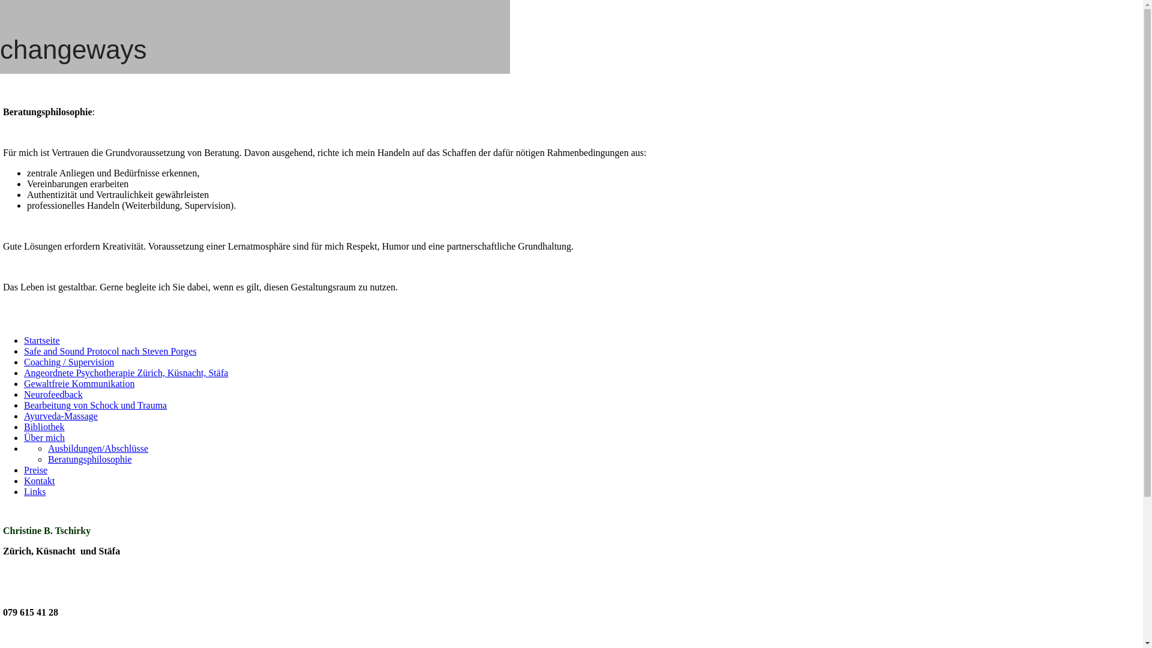 This screenshot has width=1152, height=648. I want to click on 'Neurofeedback', so click(23, 394).